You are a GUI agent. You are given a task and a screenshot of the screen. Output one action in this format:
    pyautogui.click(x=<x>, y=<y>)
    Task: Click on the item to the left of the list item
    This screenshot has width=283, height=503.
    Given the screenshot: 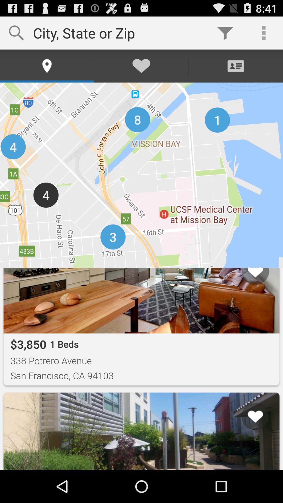 What is the action you would take?
    pyautogui.click(x=20, y=450)
    